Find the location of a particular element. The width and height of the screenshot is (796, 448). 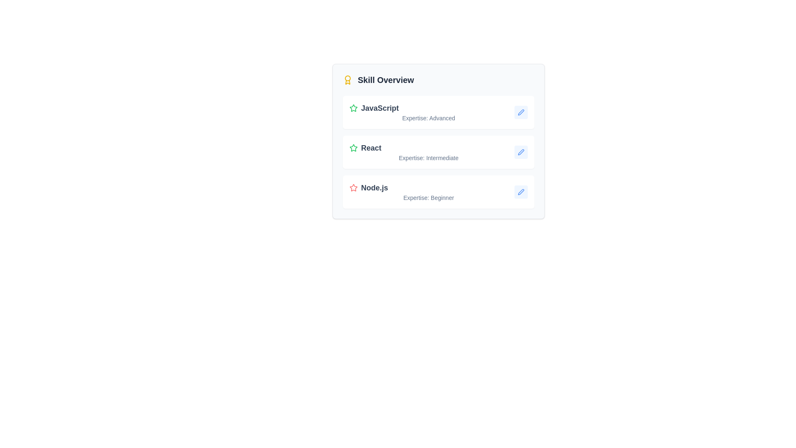

the static text label located at the bottom entry of the 'Skill Overview' section, which is accompanied by a red star icon, for navigation or interaction is located at coordinates (374, 187).